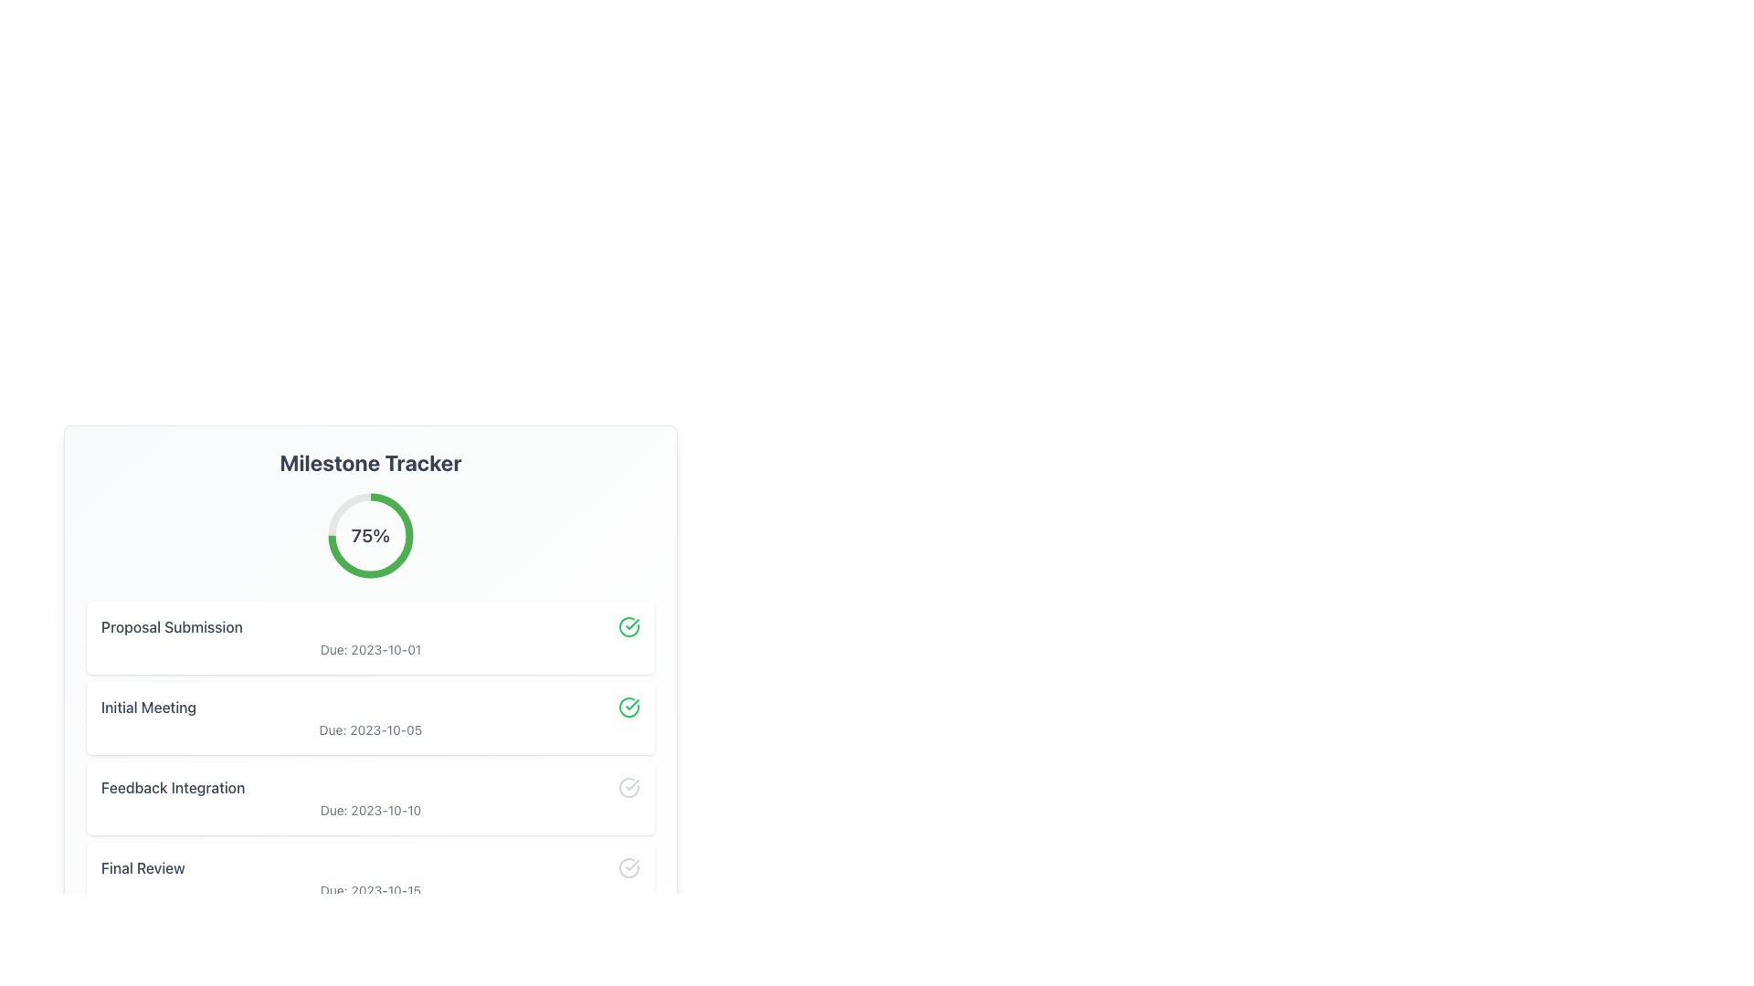 The height and width of the screenshot is (986, 1754). Describe the element at coordinates (629, 787) in the screenshot. I see `the circular progress indicator representing the status of the 'Feedback Integration' milestone located under the 'Milestone Tracker' header` at that location.